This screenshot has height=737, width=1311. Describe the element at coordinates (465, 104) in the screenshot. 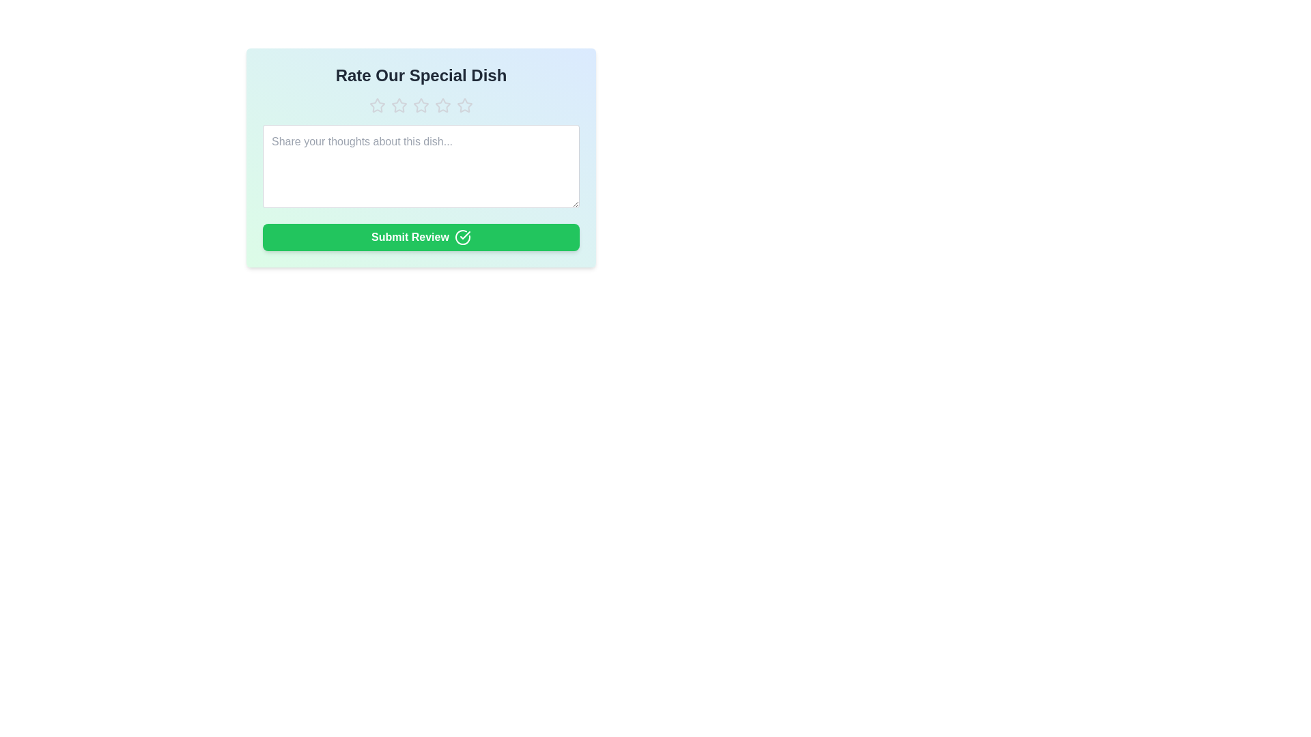

I see `the dish rating to 5 stars by clicking on the corresponding star` at that location.